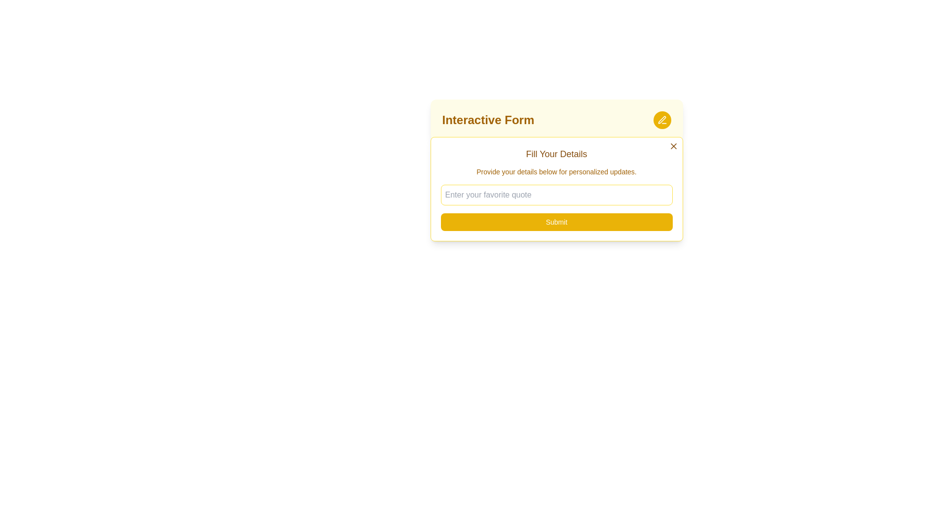 The height and width of the screenshot is (532, 947). Describe the element at coordinates (488, 119) in the screenshot. I see `the Header text label, which serves as the title of the form interface and is positioned to the left of a rounded yellow button with a pen icon` at that location.